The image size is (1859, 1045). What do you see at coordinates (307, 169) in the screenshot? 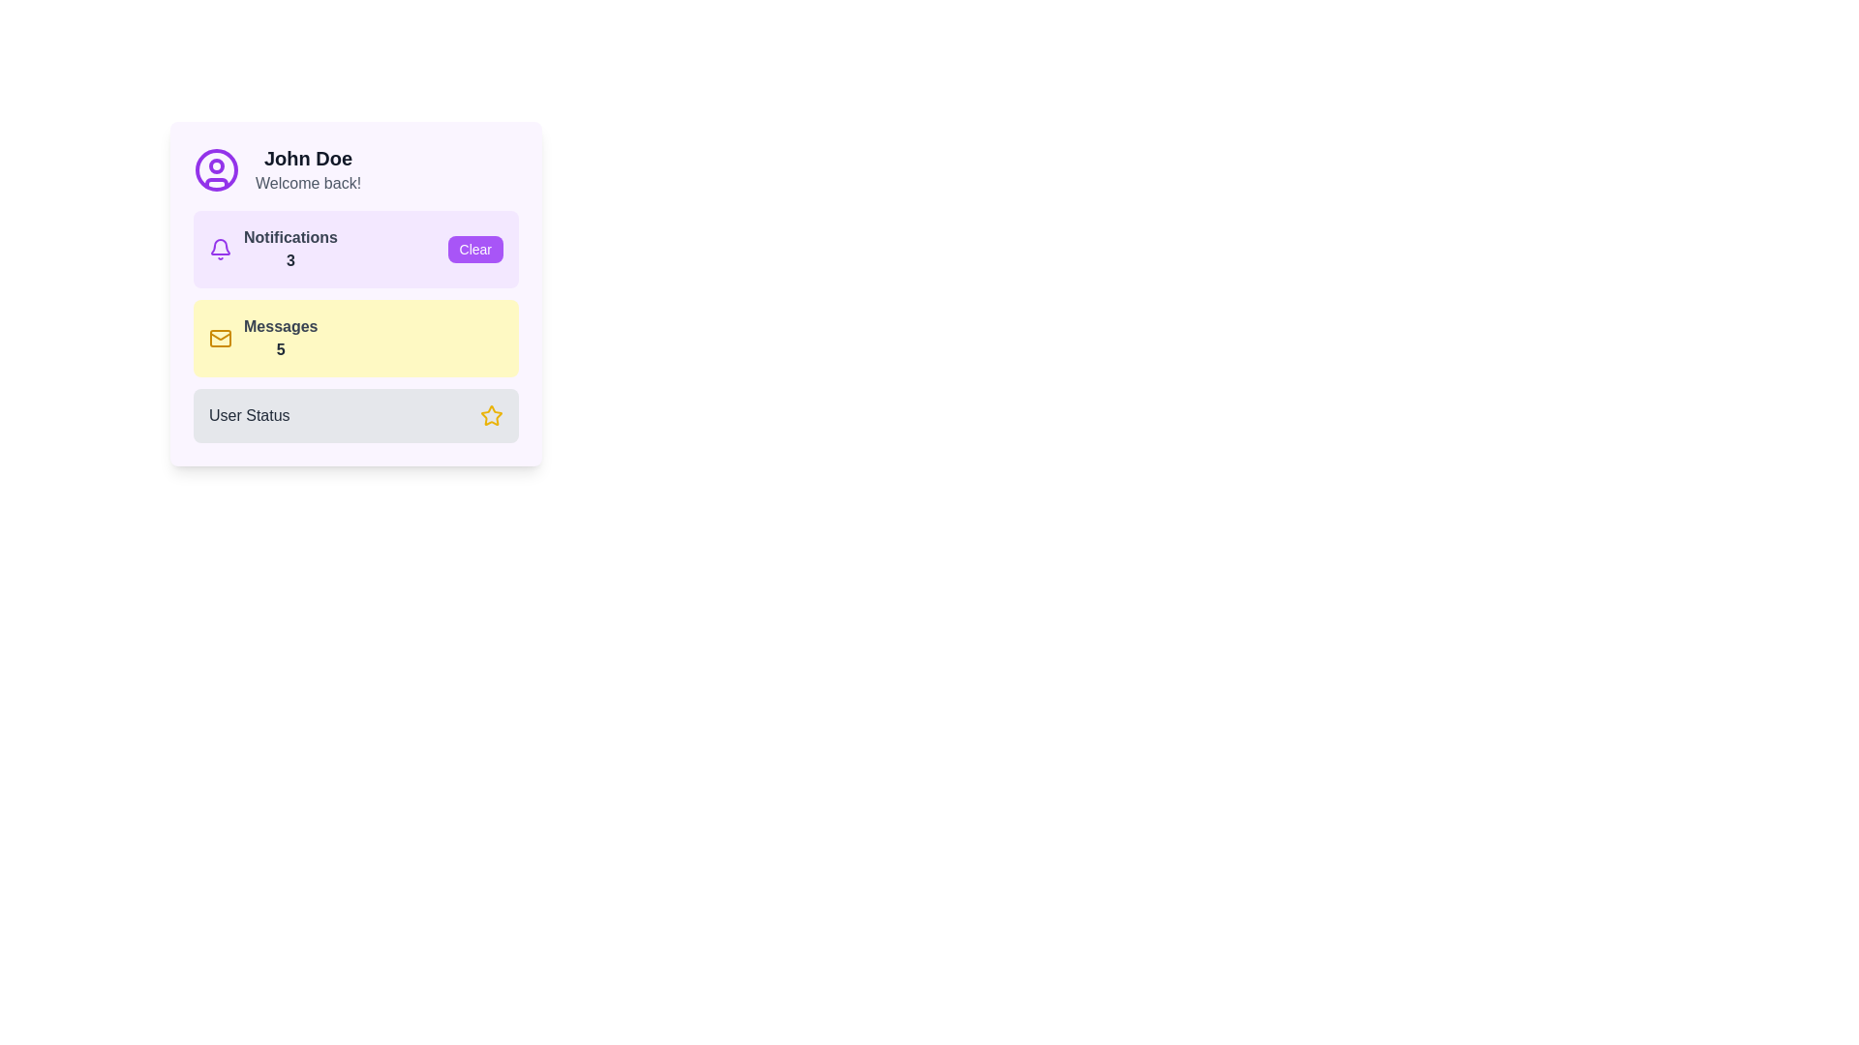
I see `personalized greeting text displayed in the user profile card, located in the top left corner of the content area to the right of the circular profile icon` at bounding box center [307, 169].